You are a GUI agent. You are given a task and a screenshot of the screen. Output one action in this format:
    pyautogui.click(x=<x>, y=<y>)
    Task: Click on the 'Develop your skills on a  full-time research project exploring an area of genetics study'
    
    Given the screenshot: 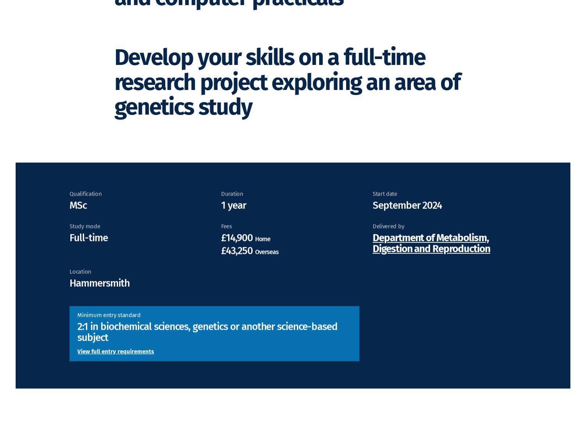 What is the action you would take?
    pyautogui.click(x=114, y=120)
    